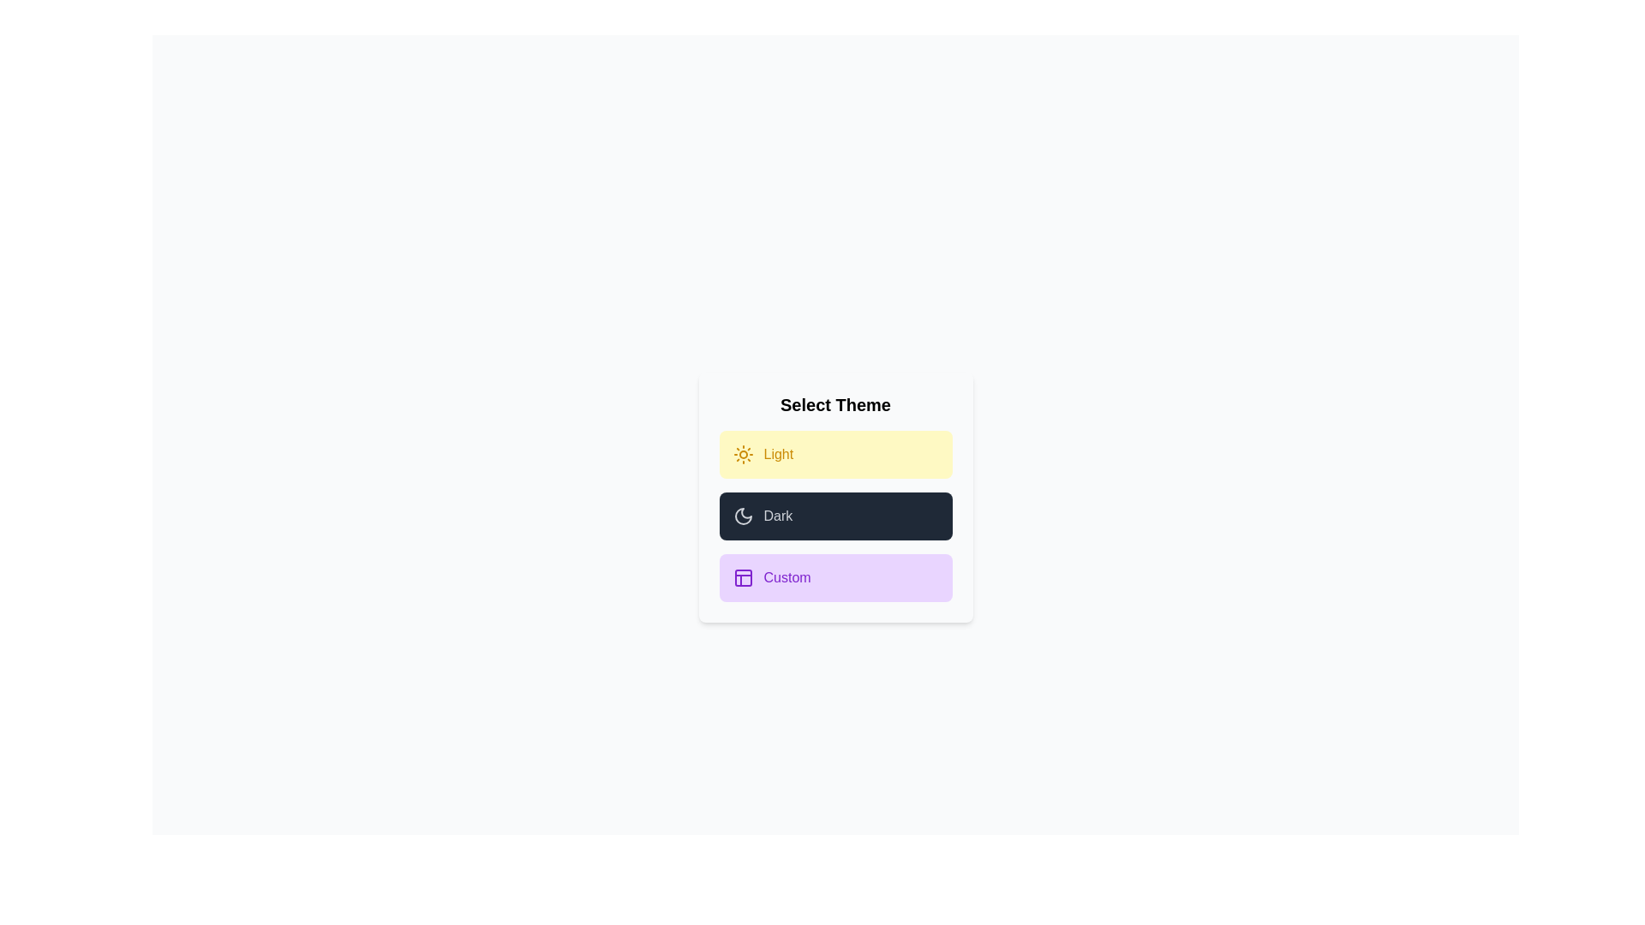 The image size is (1645, 925). Describe the element at coordinates (835, 515) in the screenshot. I see `the 'Dark' theme selection button, which is the middle option in a vertical list of three buttons, positioned below the 'Light' button and above the 'Custom' button` at that location.